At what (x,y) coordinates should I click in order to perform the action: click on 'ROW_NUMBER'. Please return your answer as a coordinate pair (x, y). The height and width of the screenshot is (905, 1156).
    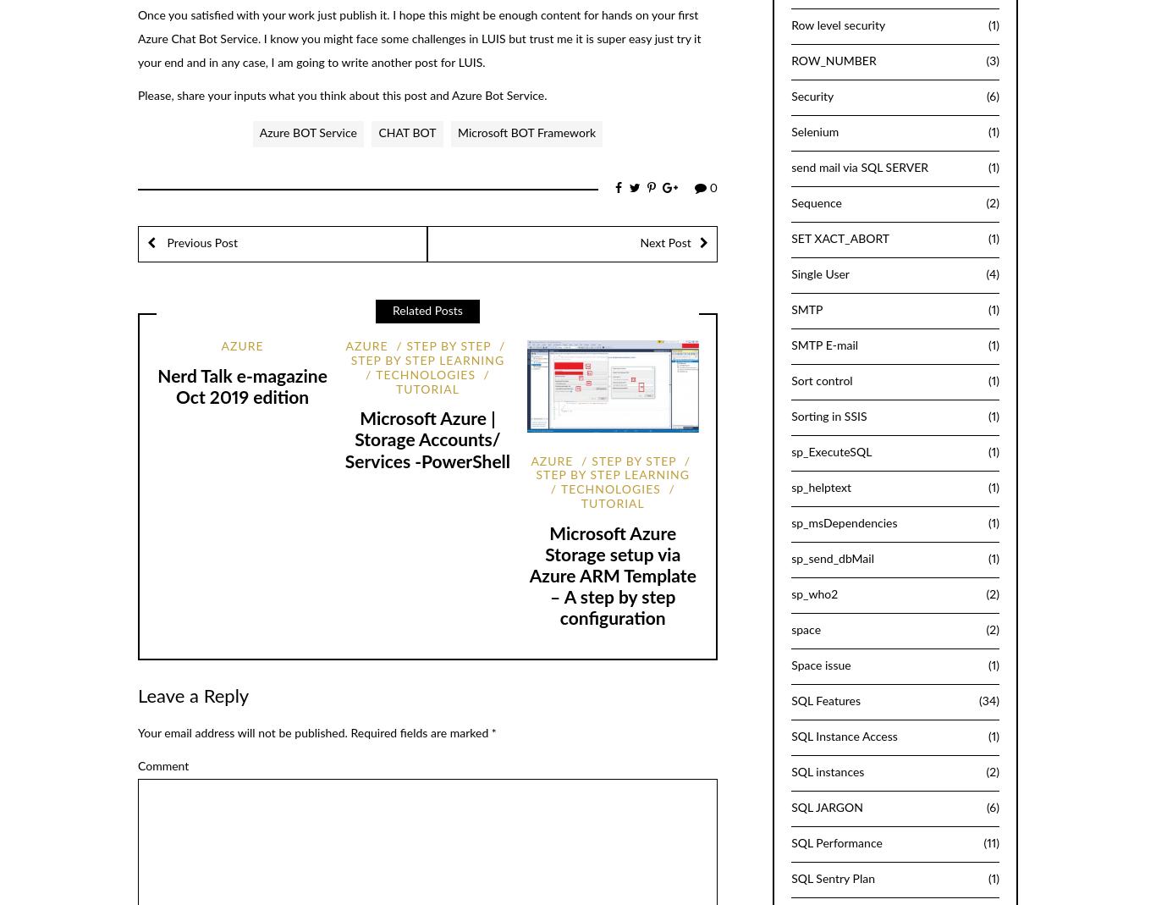
    Looking at the image, I should click on (834, 60).